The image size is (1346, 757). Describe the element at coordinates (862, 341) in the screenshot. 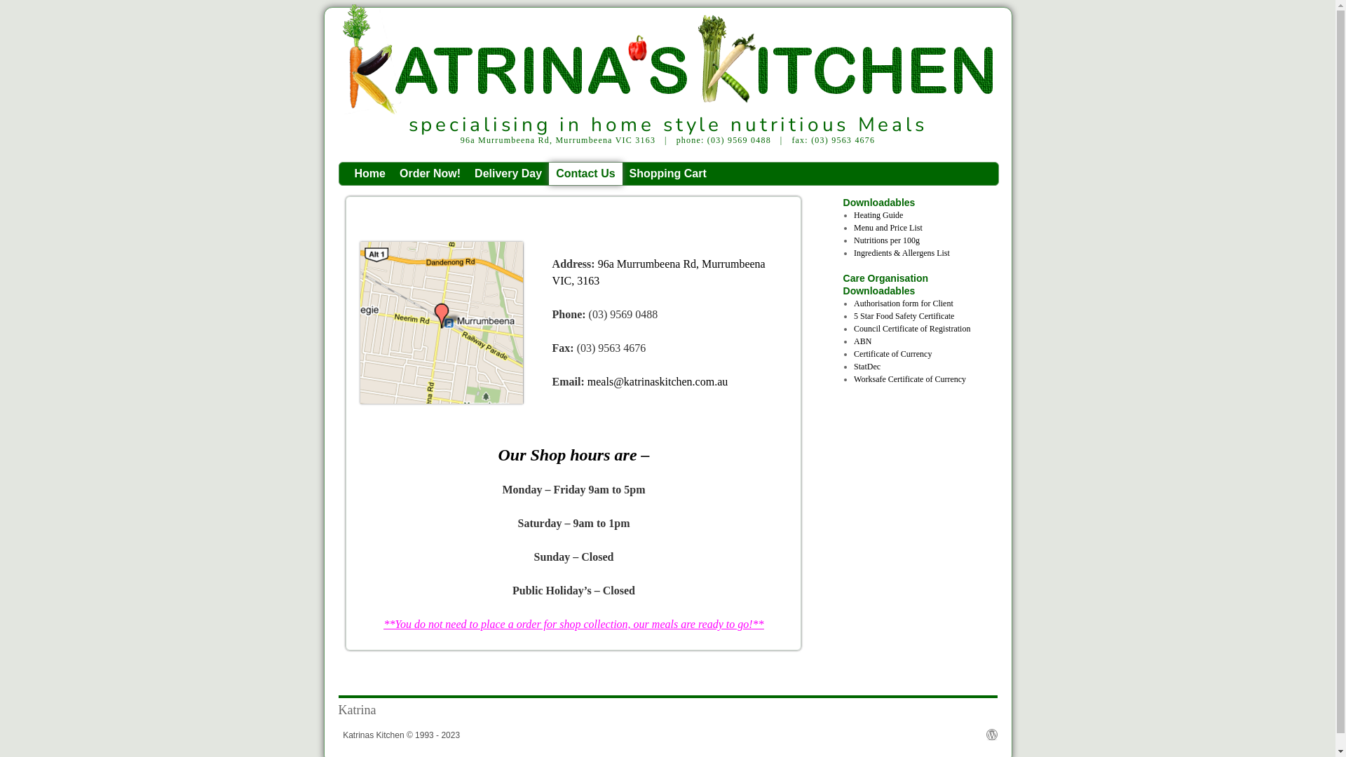

I see `'ABN'` at that location.